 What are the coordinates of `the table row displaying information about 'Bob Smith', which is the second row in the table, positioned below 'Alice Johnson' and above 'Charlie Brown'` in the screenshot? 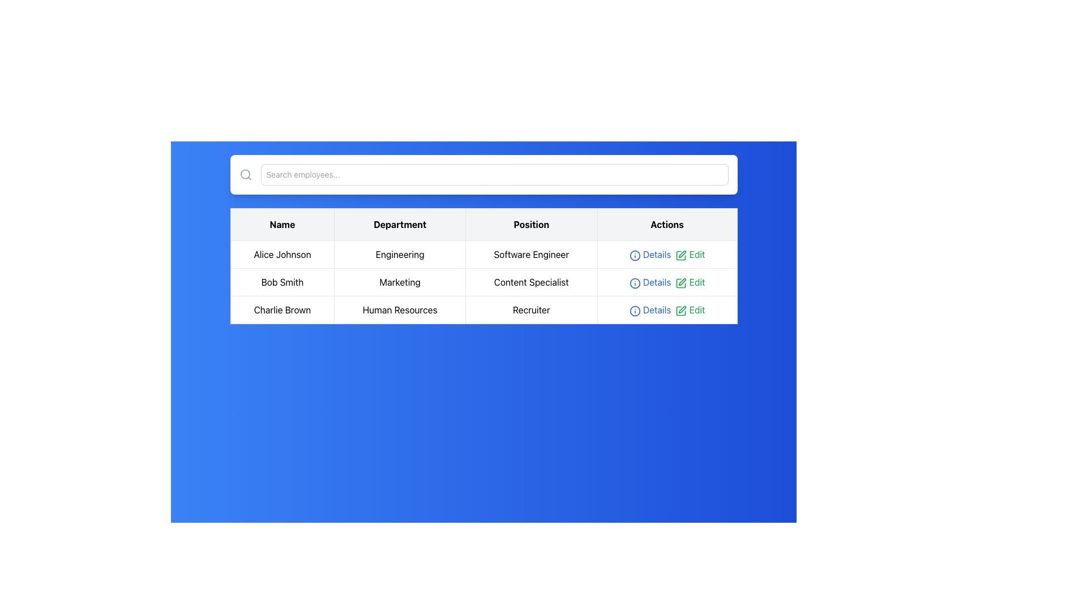 It's located at (483, 281).